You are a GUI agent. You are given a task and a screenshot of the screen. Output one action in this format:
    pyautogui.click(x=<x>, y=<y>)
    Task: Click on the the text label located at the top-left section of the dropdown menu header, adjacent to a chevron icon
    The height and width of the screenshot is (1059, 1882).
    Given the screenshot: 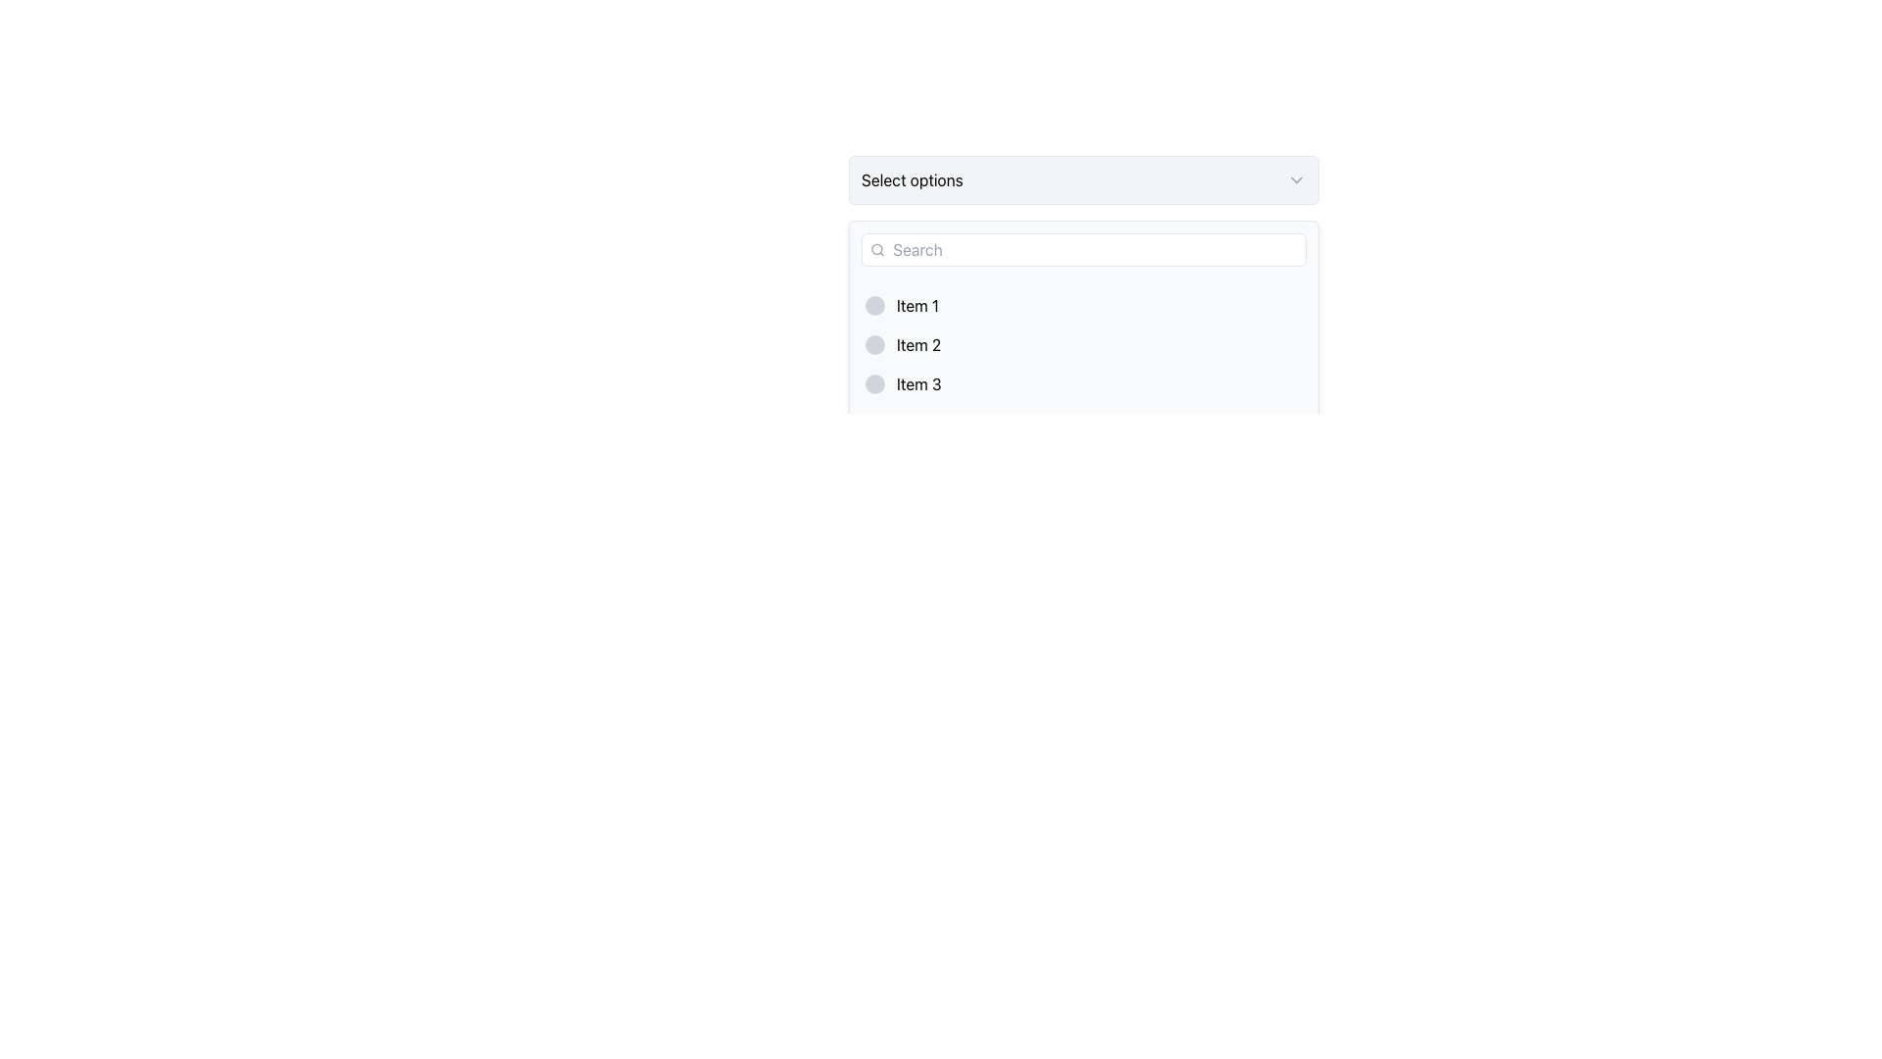 What is the action you would take?
    pyautogui.click(x=911, y=180)
    